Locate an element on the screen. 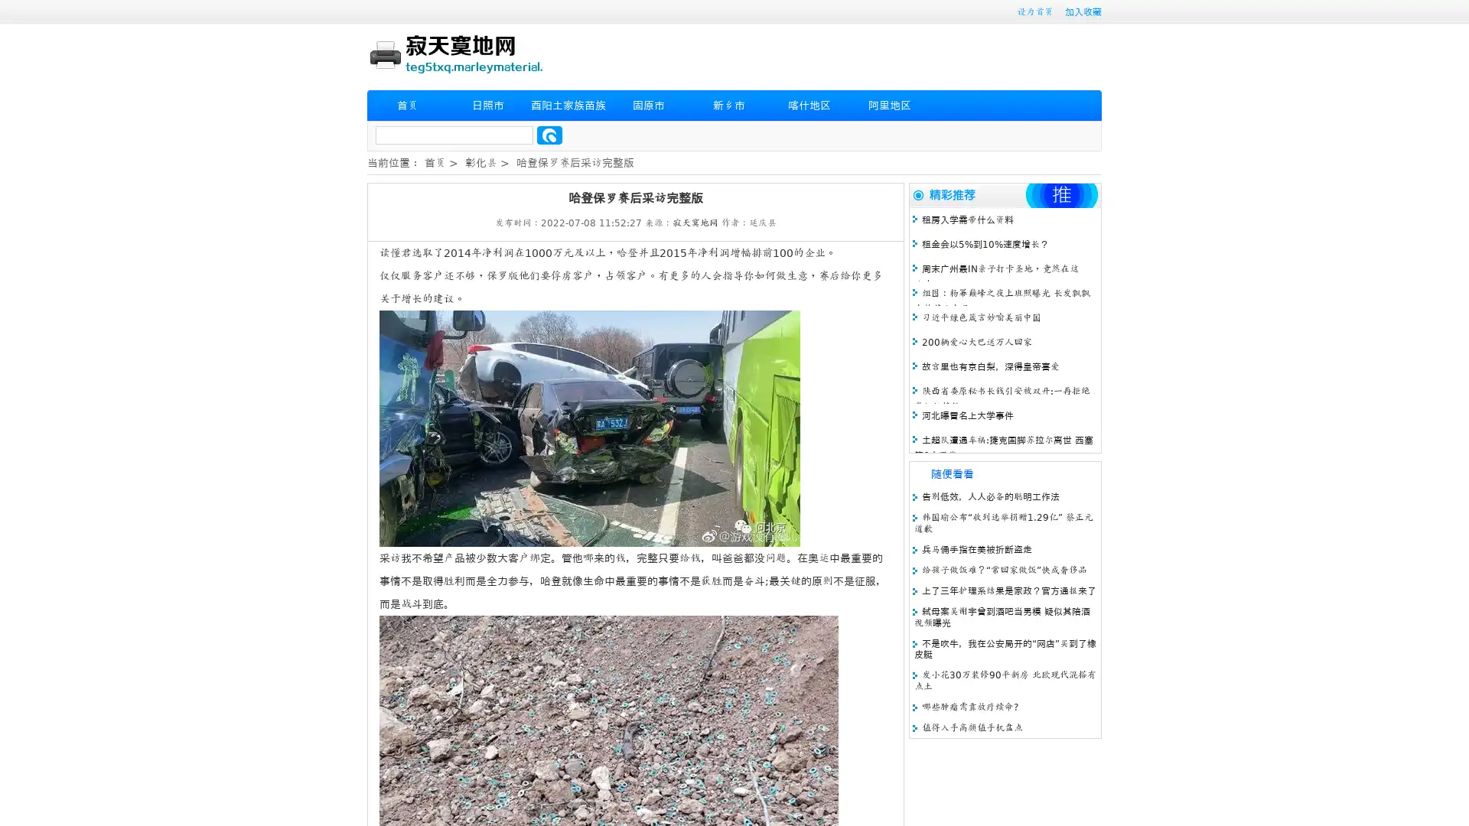 The width and height of the screenshot is (1469, 826). Search is located at coordinates (549, 135).